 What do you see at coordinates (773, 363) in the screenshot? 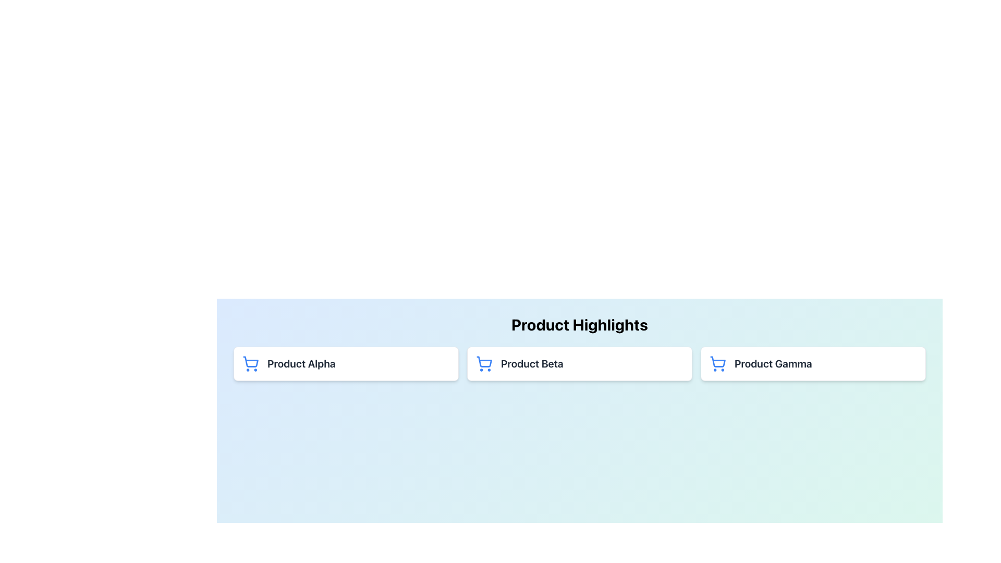
I see `text label displaying 'Product Gamma', which is the rightmost text label in a row of product descriptions within a card under 'Product Highlights'` at bounding box center [773, 363].